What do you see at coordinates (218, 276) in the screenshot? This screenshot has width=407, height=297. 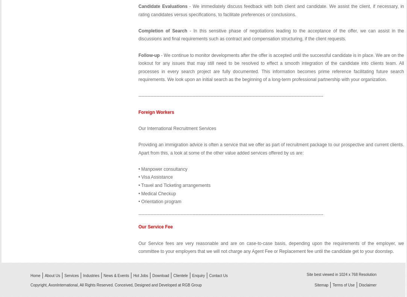 I see `'Contact Us'` at bounding box center [218, 276].